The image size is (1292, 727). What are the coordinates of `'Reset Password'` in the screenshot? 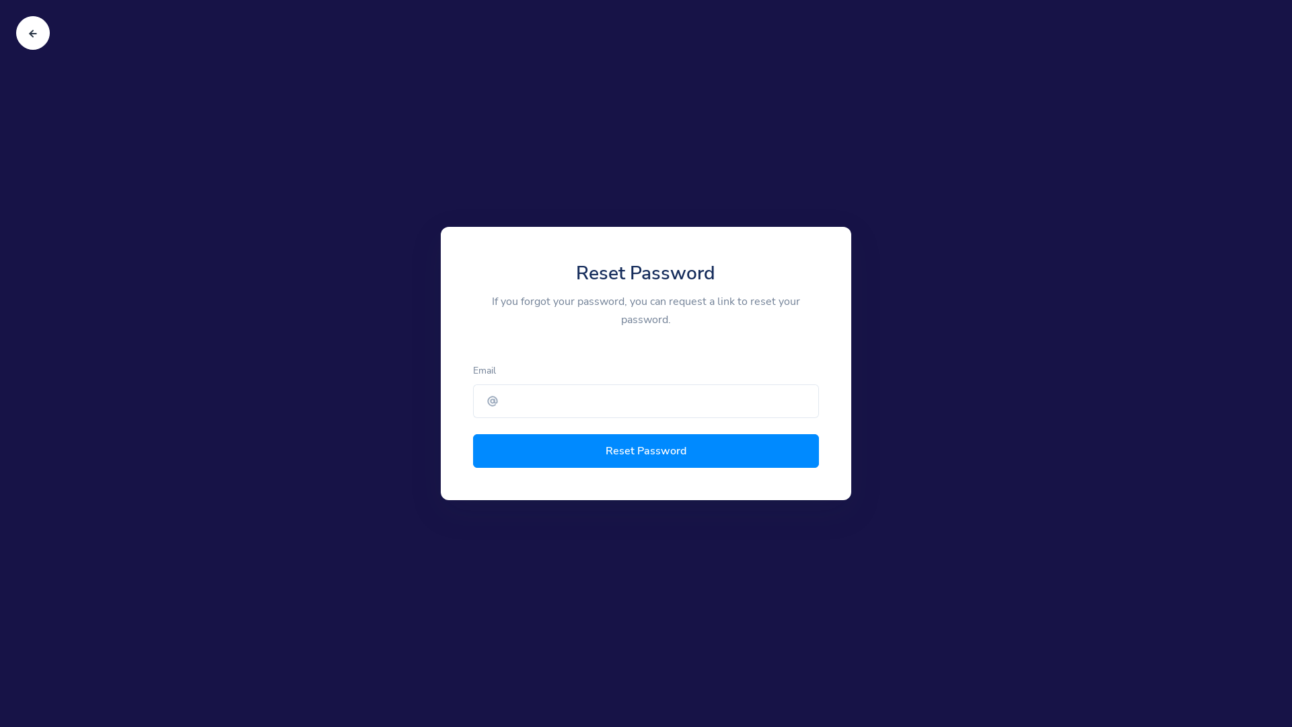 It's located at (646, 451).